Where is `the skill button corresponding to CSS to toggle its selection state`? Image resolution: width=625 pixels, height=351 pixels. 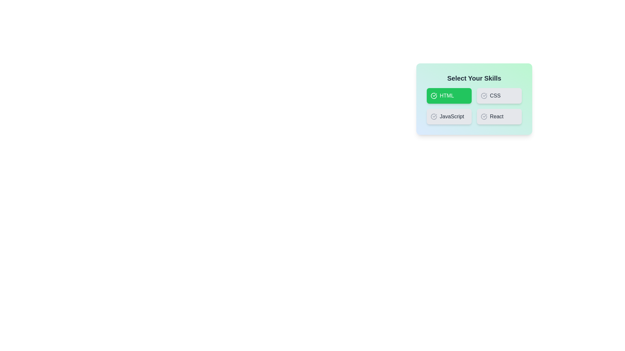 the skill button corresponding to CSS to toggle its selection state is located at coordinates (499, 96).